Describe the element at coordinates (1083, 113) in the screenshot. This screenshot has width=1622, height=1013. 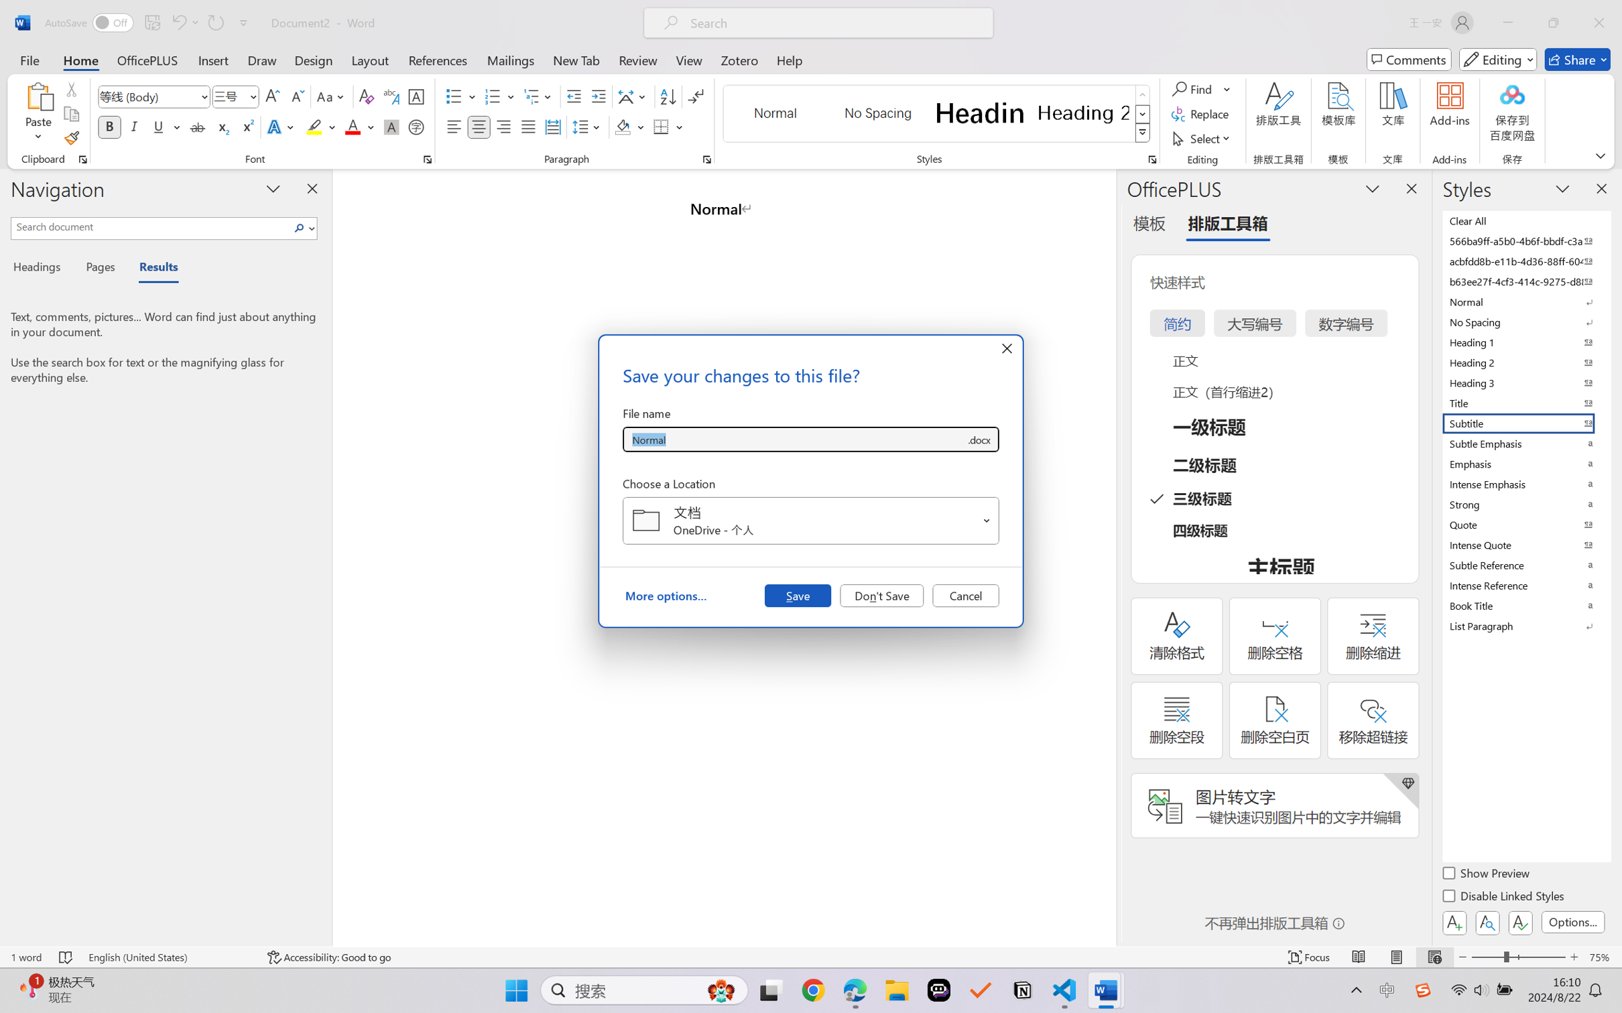
I see `'Heading 2'` at that location.